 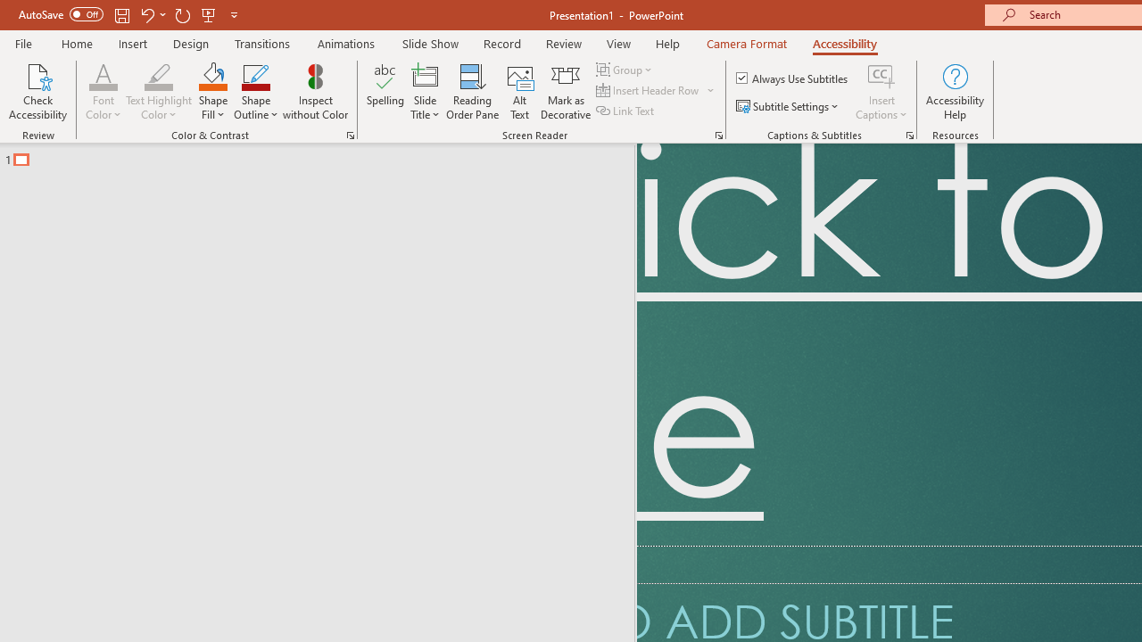 I want to click on 'Accessibility', so click(x=844, y=43).